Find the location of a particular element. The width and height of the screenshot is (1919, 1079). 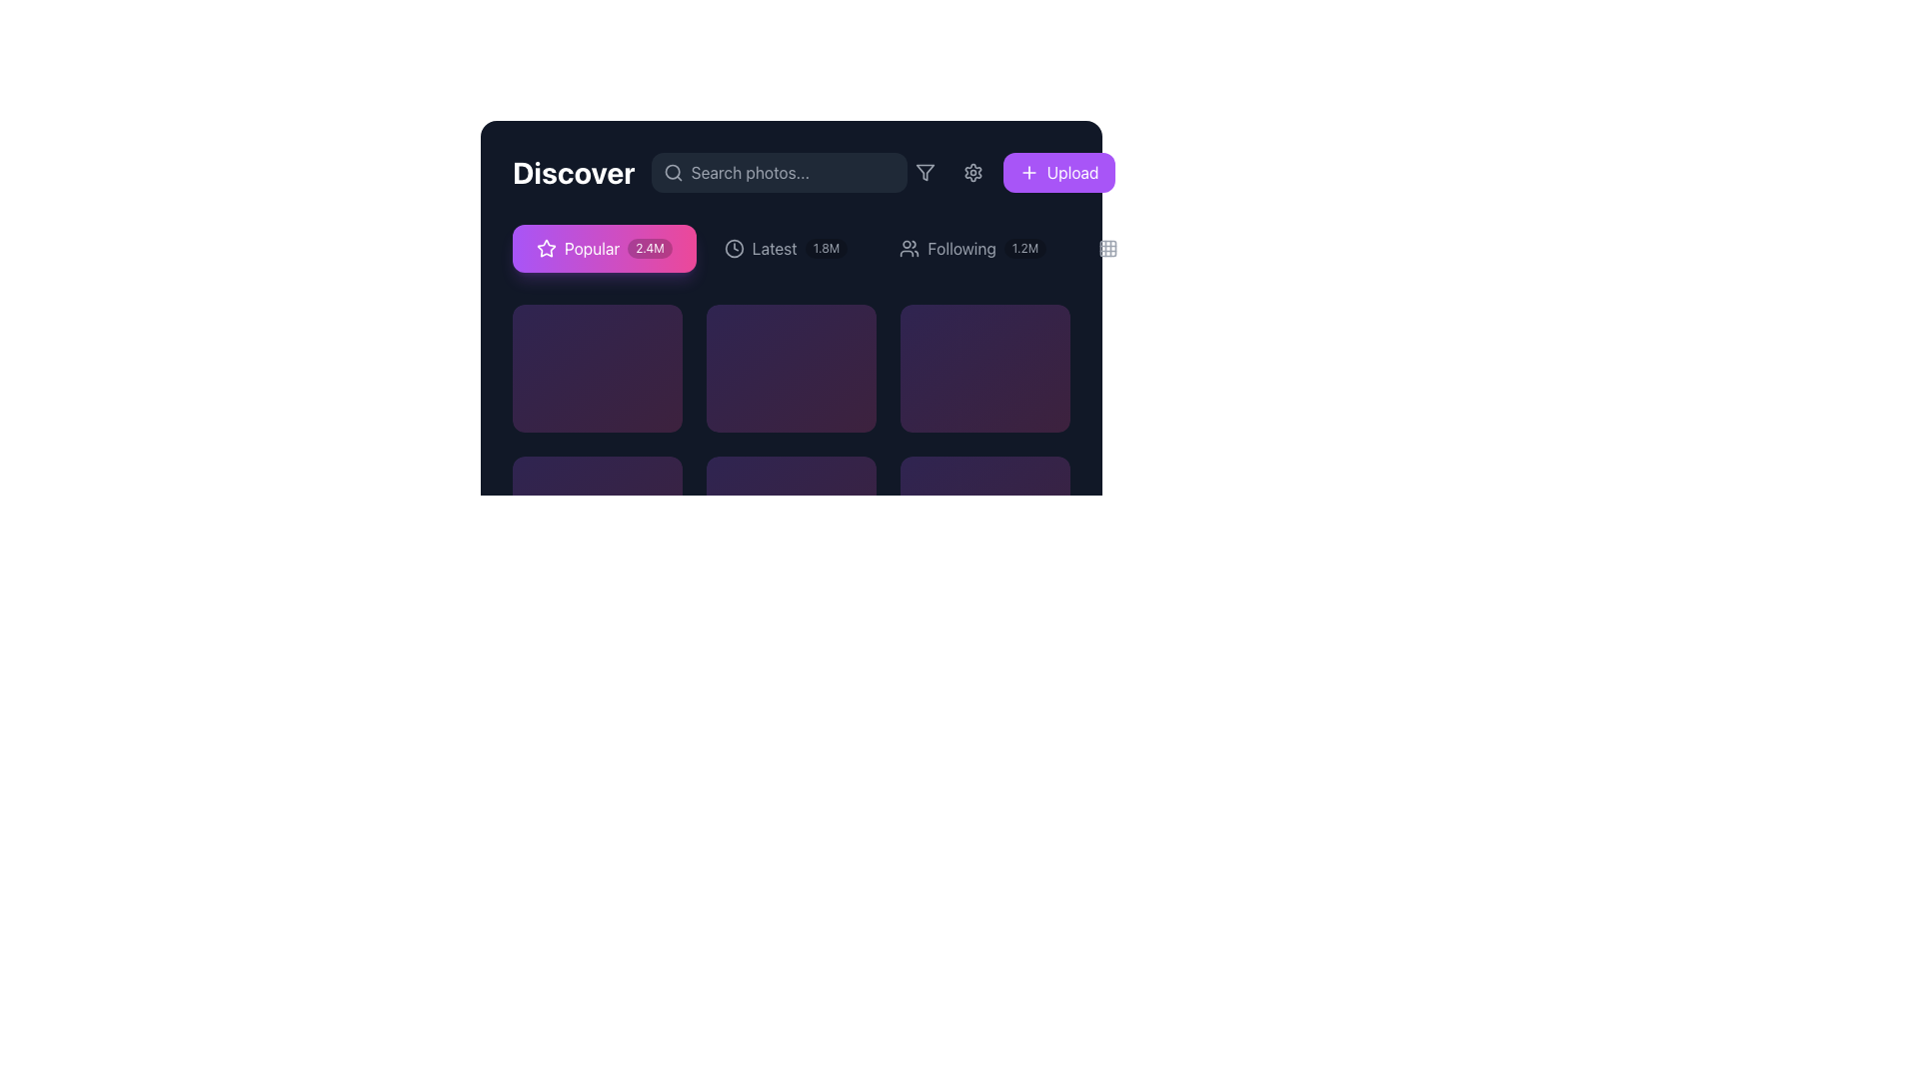

the 'Upload' button with a purple background and white text, located in the upper right area of the interface, to initiate an upload is located at coordinates (1057, 172).